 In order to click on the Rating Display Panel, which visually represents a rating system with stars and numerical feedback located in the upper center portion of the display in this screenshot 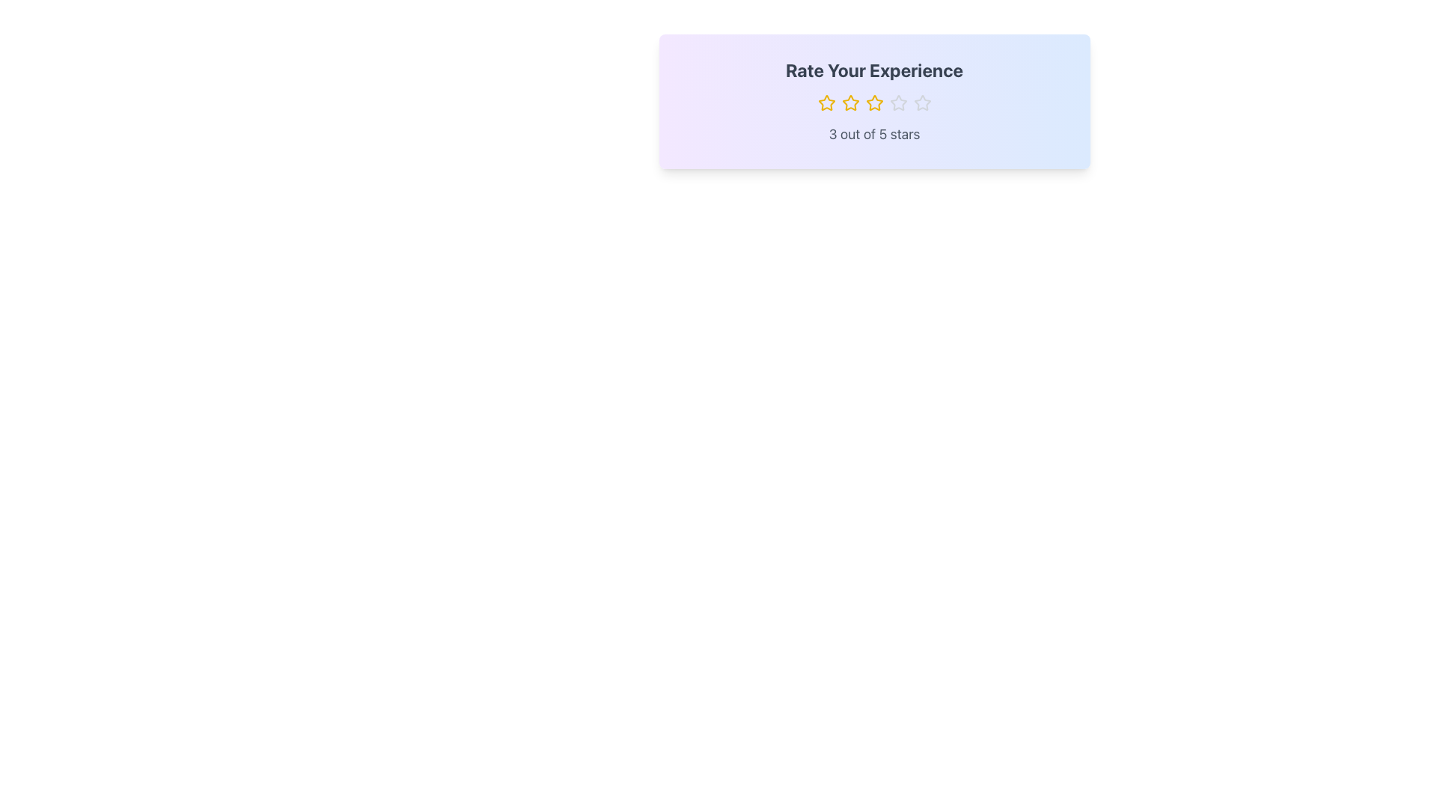, I will do `click(874, 101)`.